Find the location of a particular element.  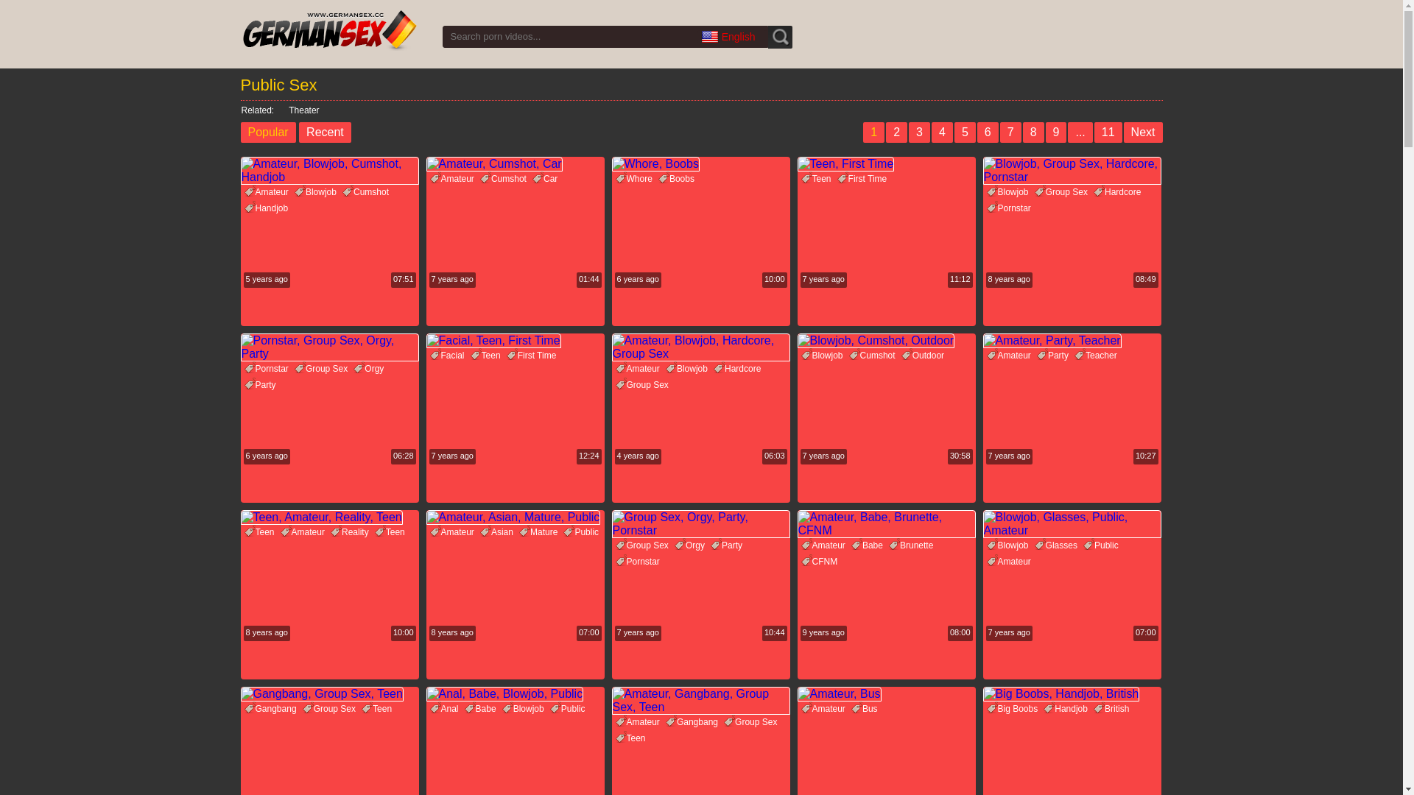

'Bus' is located at coordinates (866, 708).